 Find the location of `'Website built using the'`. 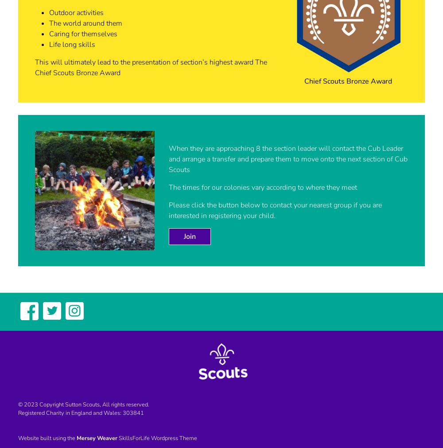

'Website built using the' is located at coordinates (47, 438).